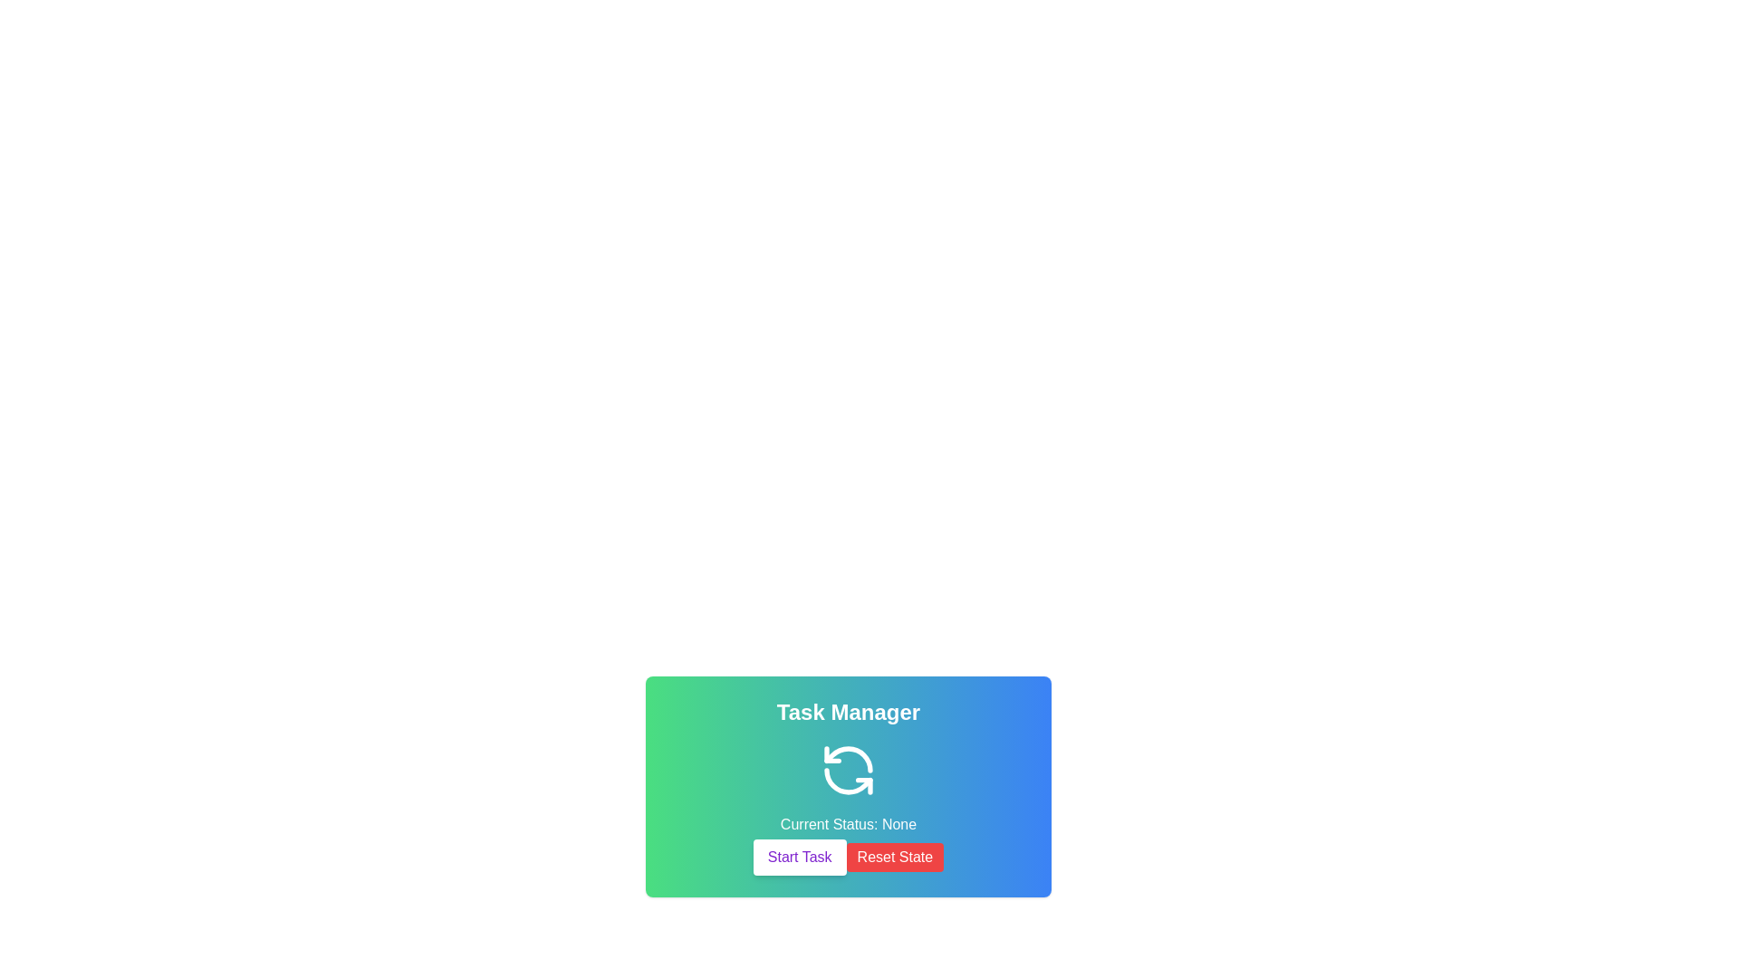 Image resolution: width=1739 pixels, height=978 pixels. Describe the element at coordinates (847, 771) in the screenshot. I see `the refresh icon located below the 'Task Manager' heading and above the 'Current Status: None' text` at that location.